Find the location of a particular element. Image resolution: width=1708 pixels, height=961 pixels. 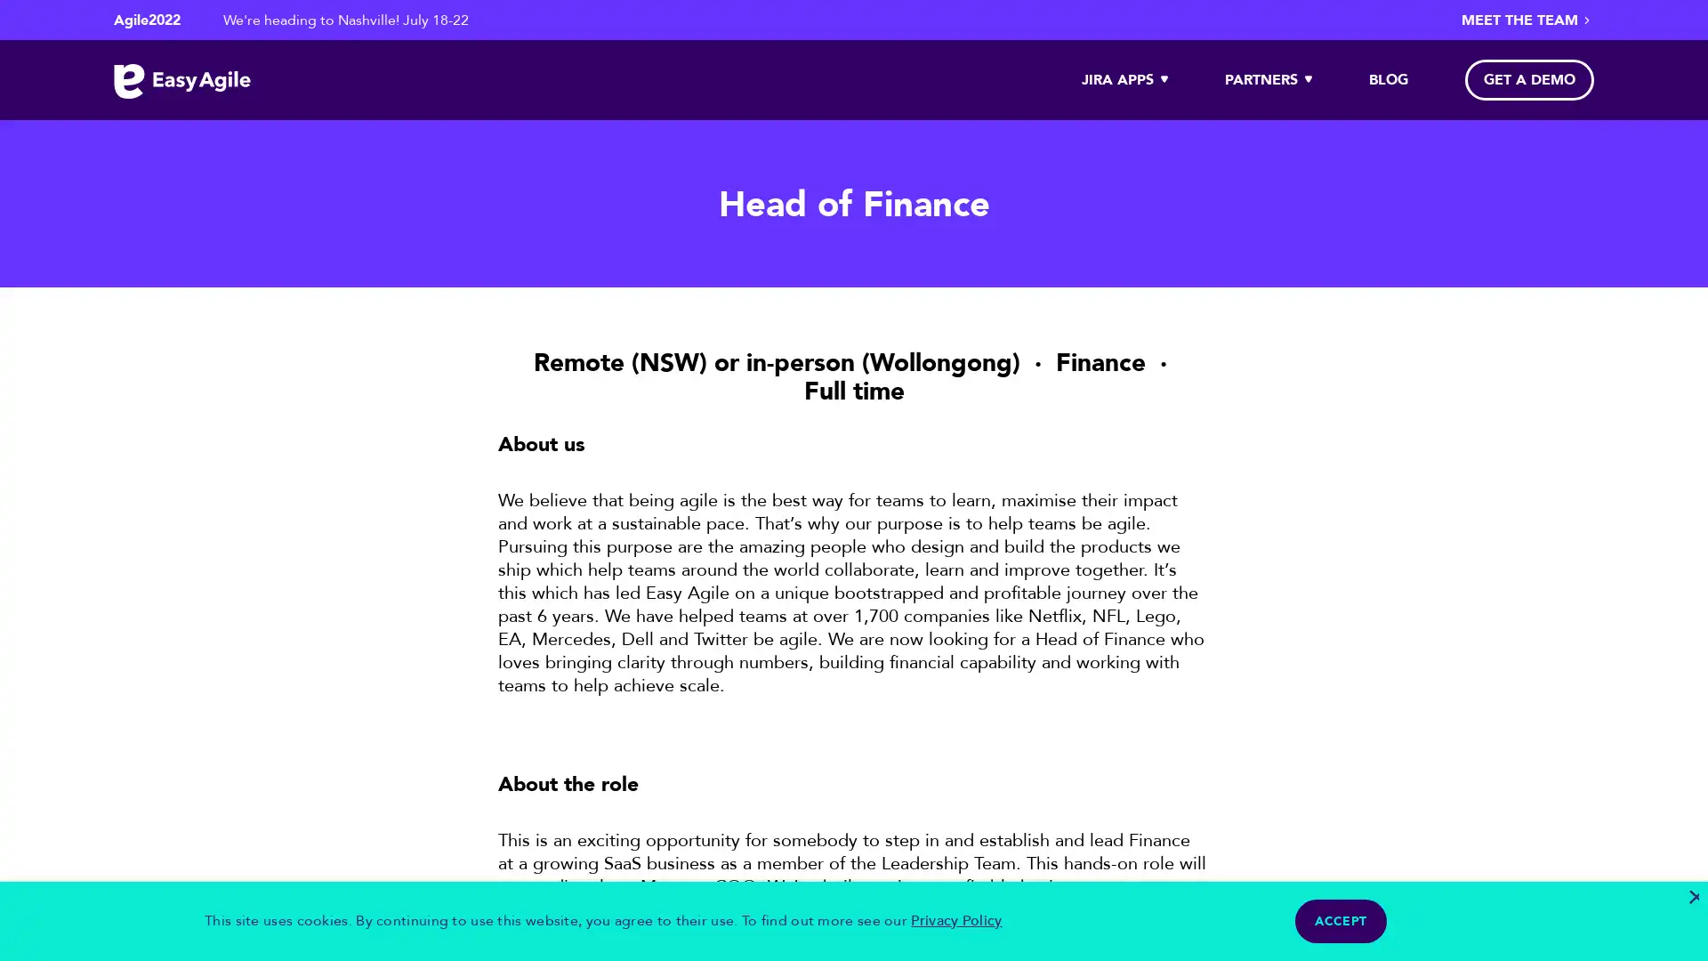

Close is located at coordinates (1691, 897).